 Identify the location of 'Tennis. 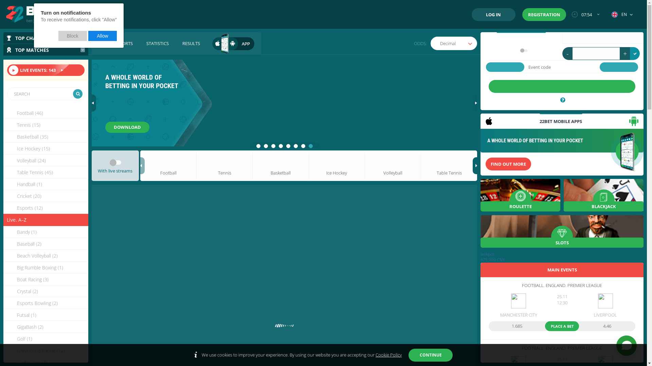
(45, 125).